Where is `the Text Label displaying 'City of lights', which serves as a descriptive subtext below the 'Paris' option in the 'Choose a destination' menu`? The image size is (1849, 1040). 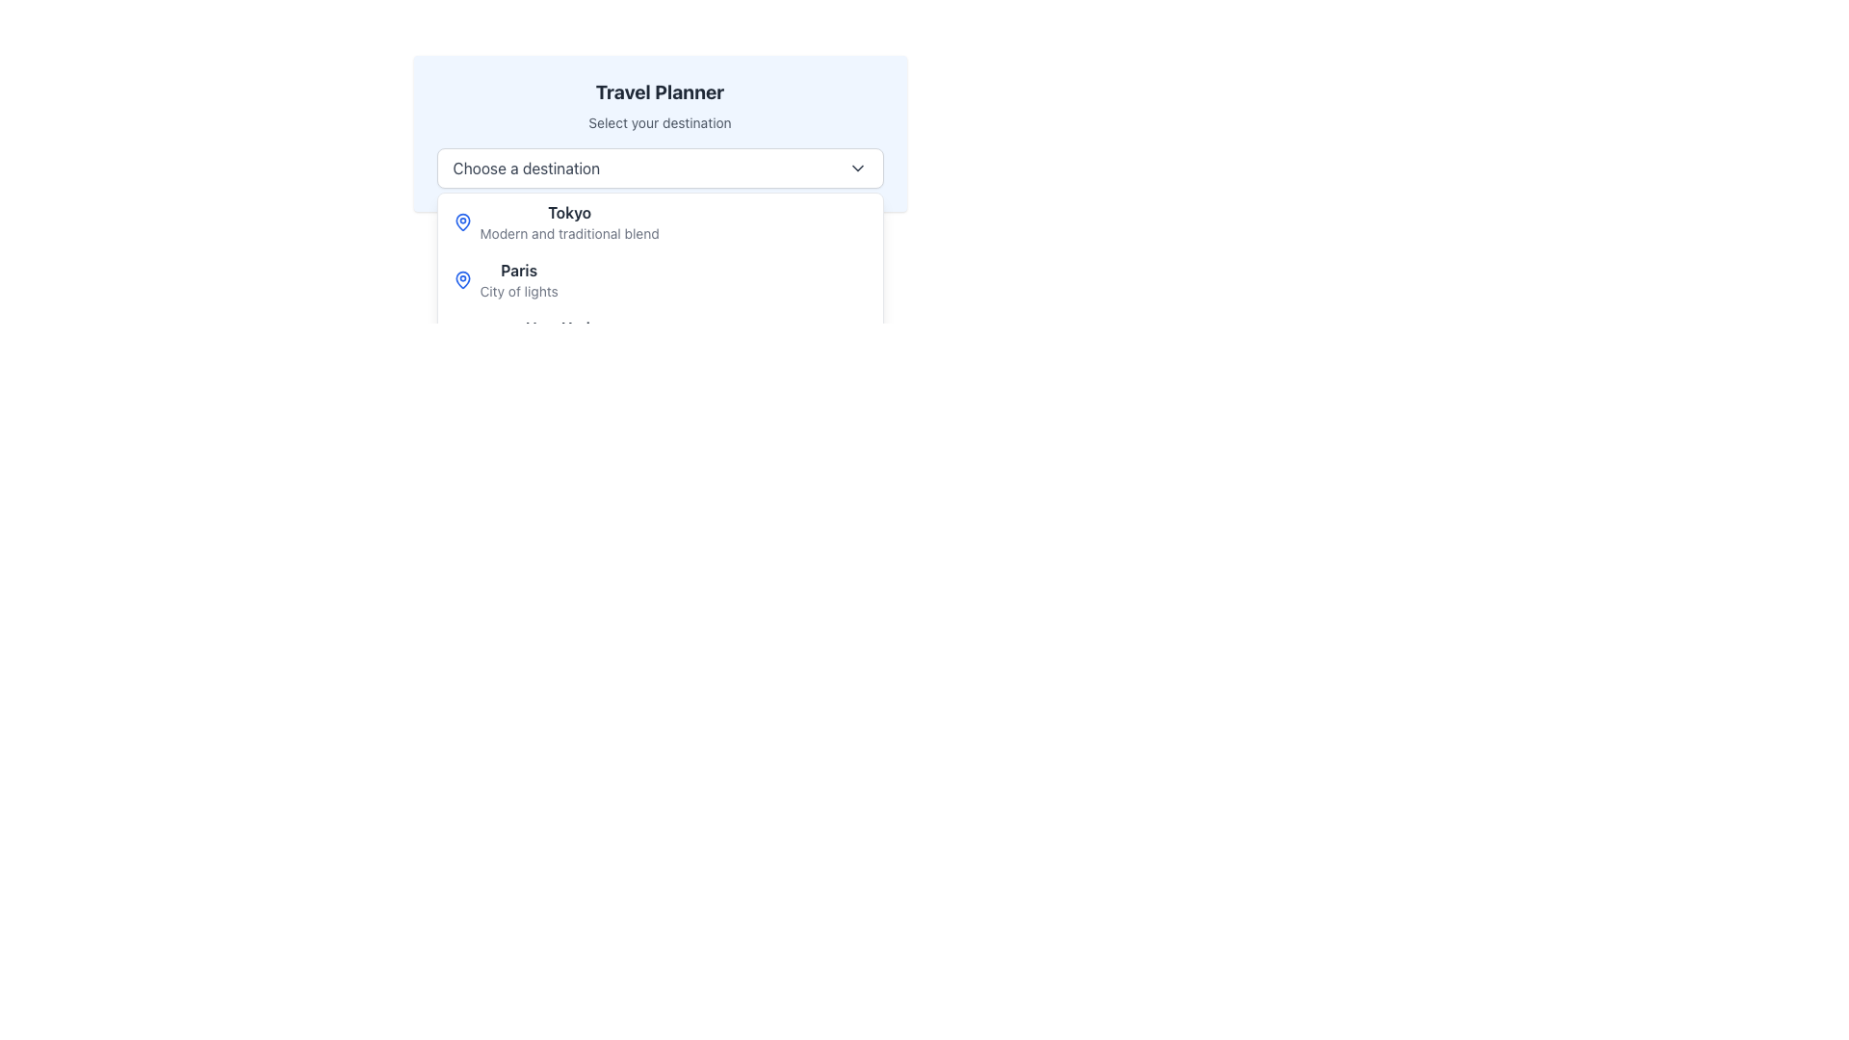
the Text Label displaying 'City of lights', which serves as a descriptive subtext below the 'Paris' option in the 'Choose a destination' menu is located at coordinates (519, 292).